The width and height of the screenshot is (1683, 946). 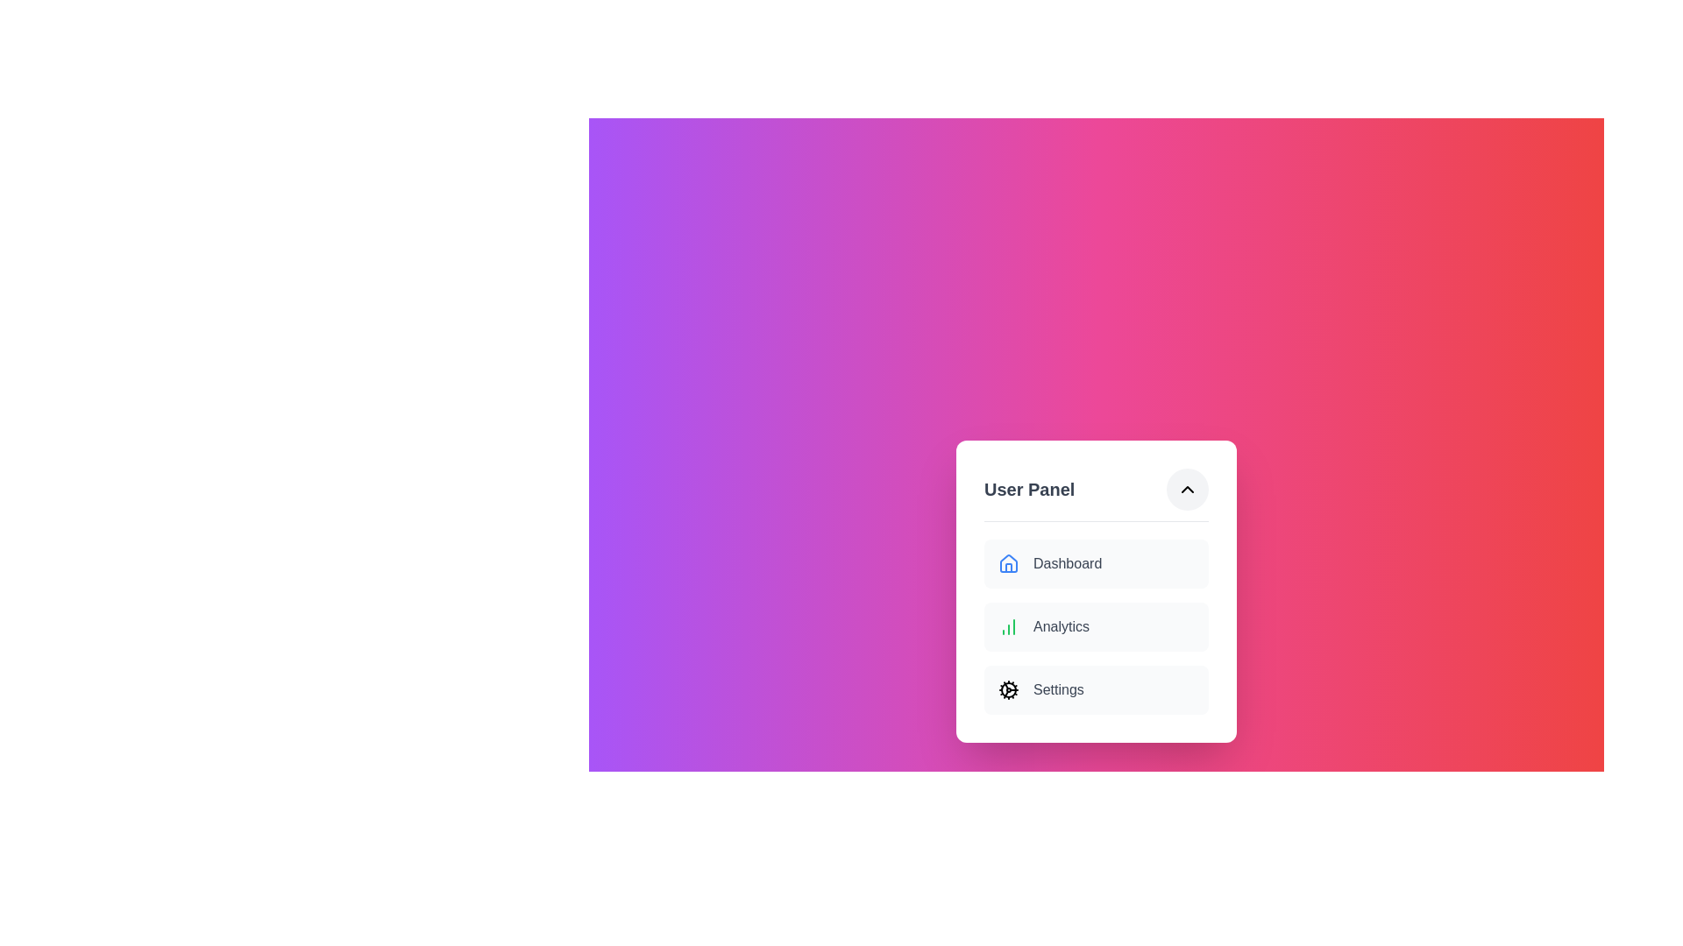 I want to click on button with the ChevronDown icon to toggle the menu visibility, so click(x=1187, y=489).